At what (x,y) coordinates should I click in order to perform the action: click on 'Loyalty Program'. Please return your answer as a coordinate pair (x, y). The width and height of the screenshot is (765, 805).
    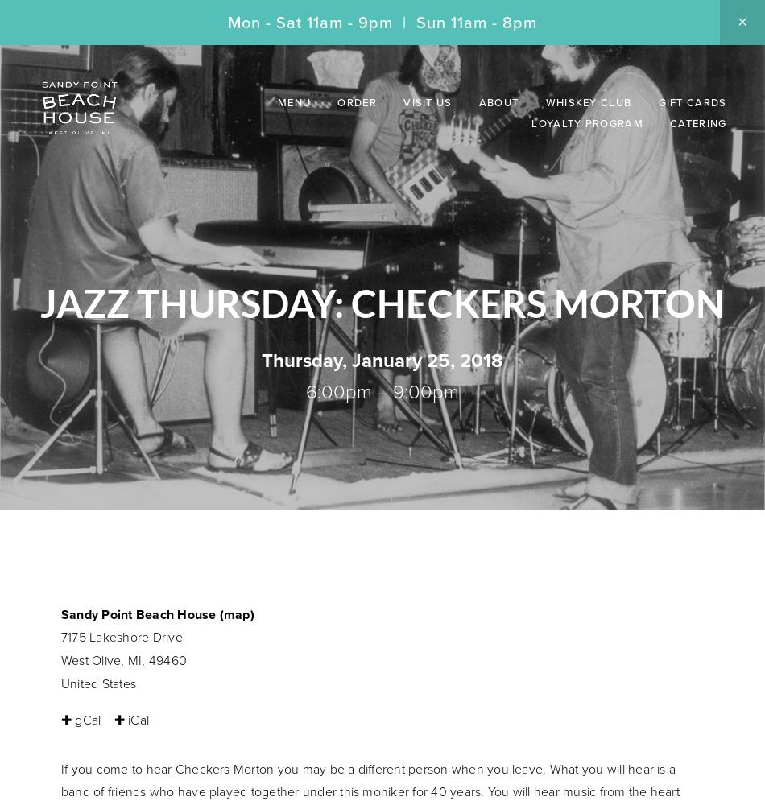
    Looking at the image, I should click on (586, 123).